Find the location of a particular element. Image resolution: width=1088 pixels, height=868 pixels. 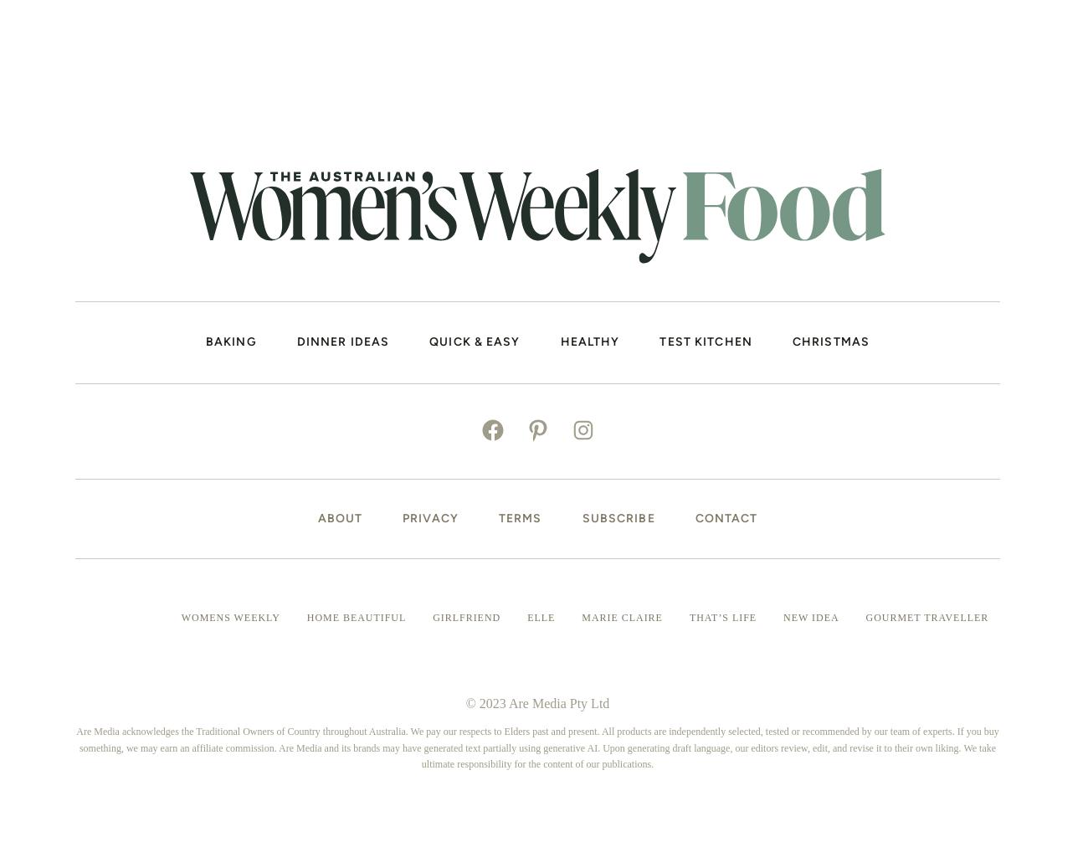

'Test Kitchen' is located at coordinates (706, 340).